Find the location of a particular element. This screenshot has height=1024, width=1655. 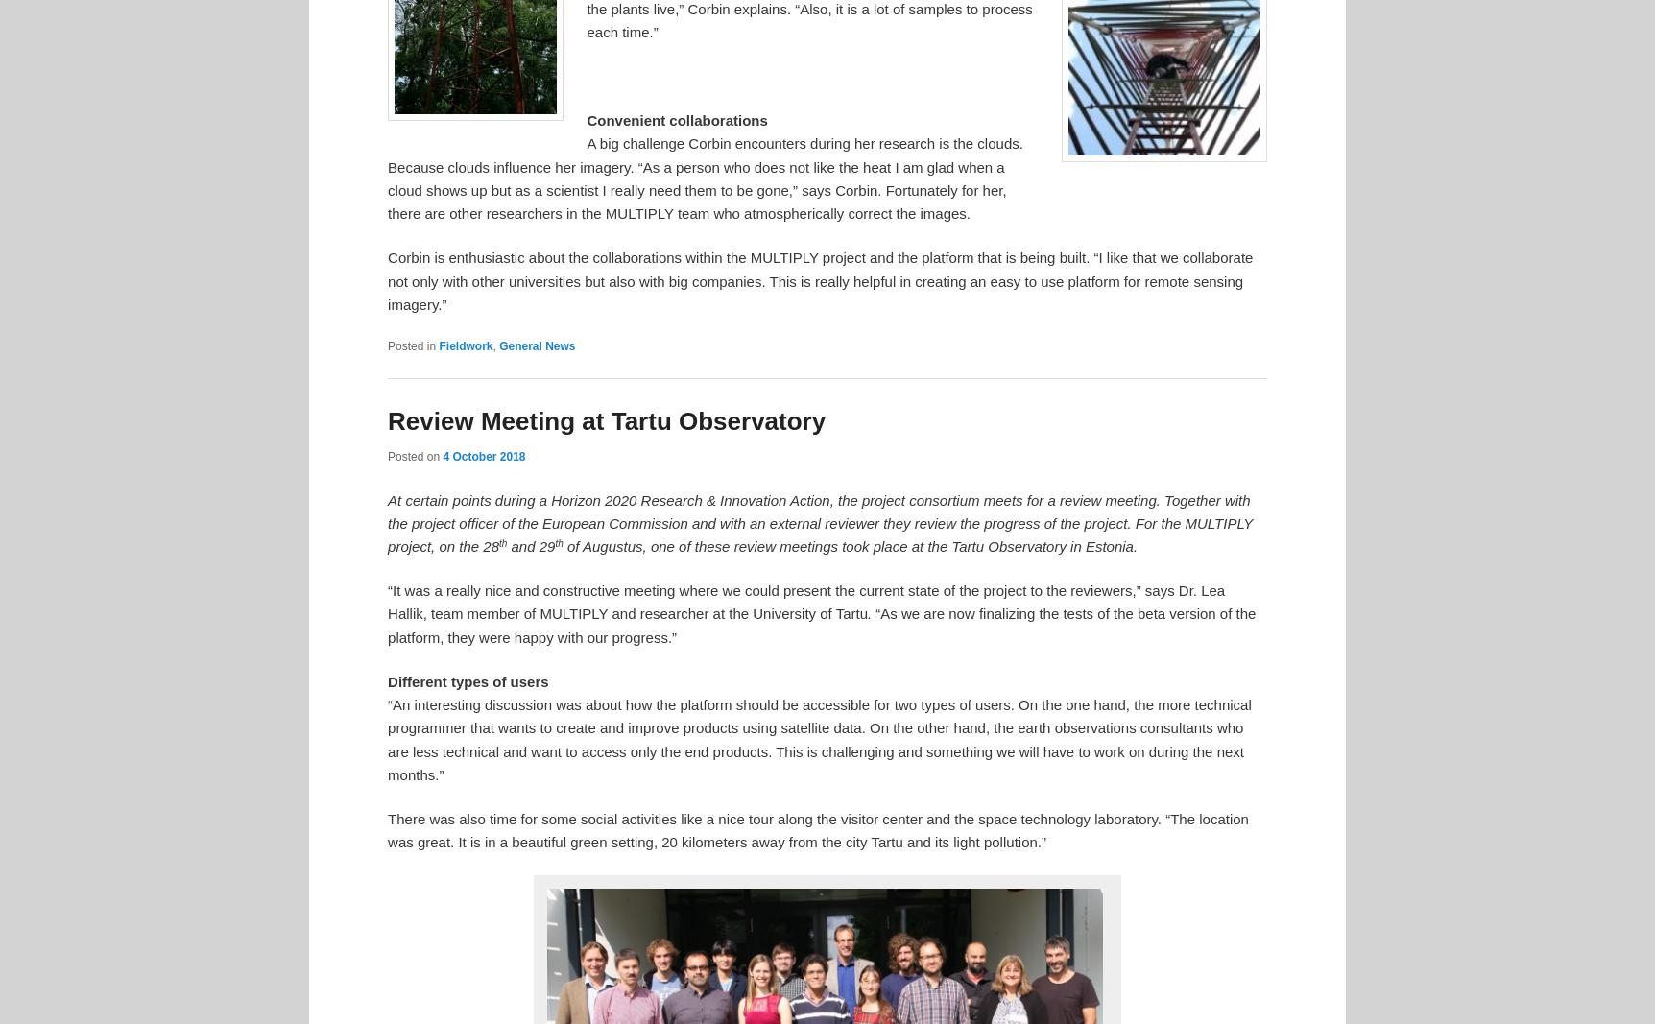

'“It was a really nice and constructive meeting where we could present the current state of the project to the reviewers,” says Dr. Lea Hallik, team member of MULTIPLY and researcher at the University of Tartu' is located at coordinates (804, 602).